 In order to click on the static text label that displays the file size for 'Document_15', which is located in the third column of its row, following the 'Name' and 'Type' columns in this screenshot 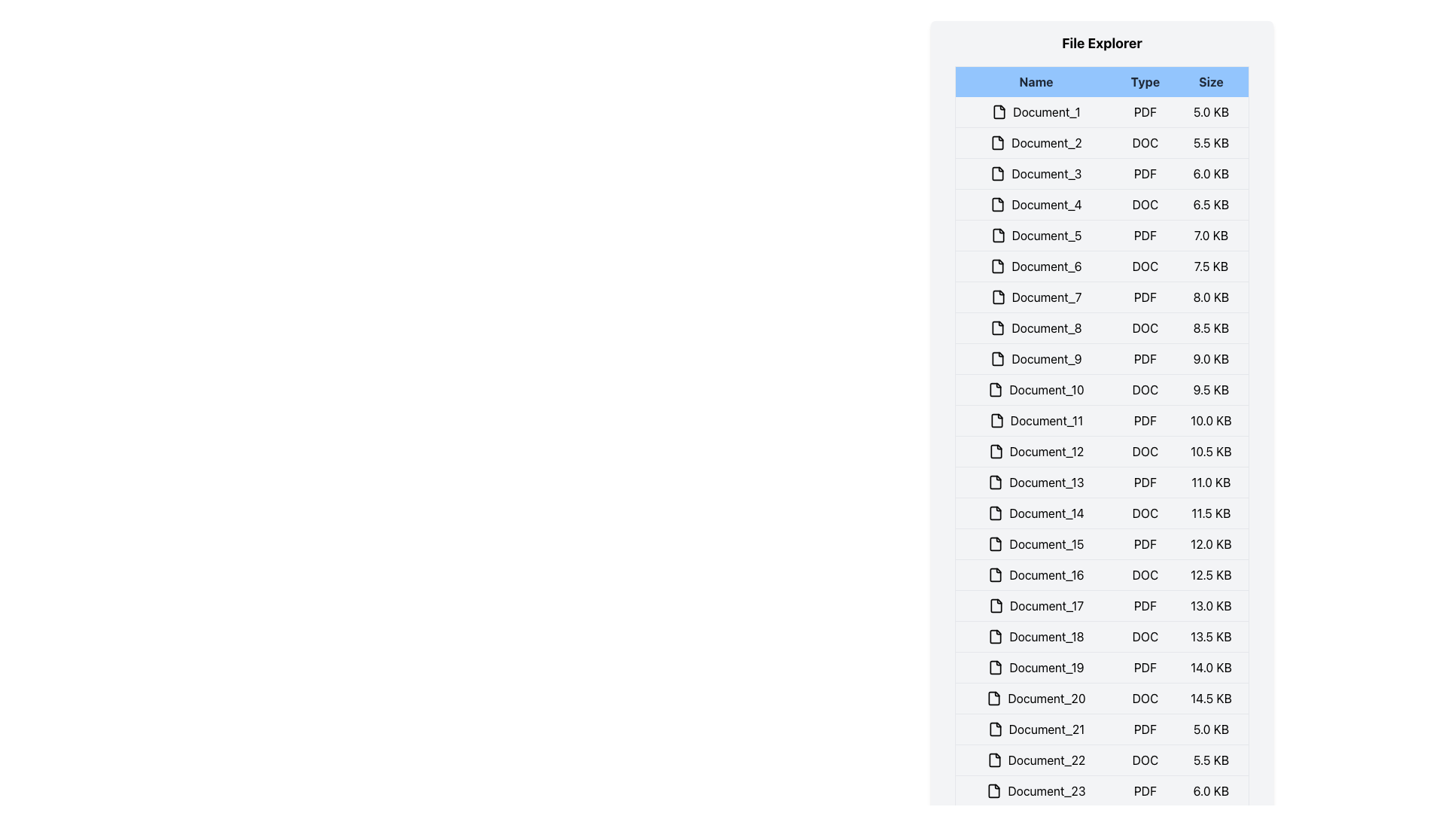, I will do `click(1211, 544)`.